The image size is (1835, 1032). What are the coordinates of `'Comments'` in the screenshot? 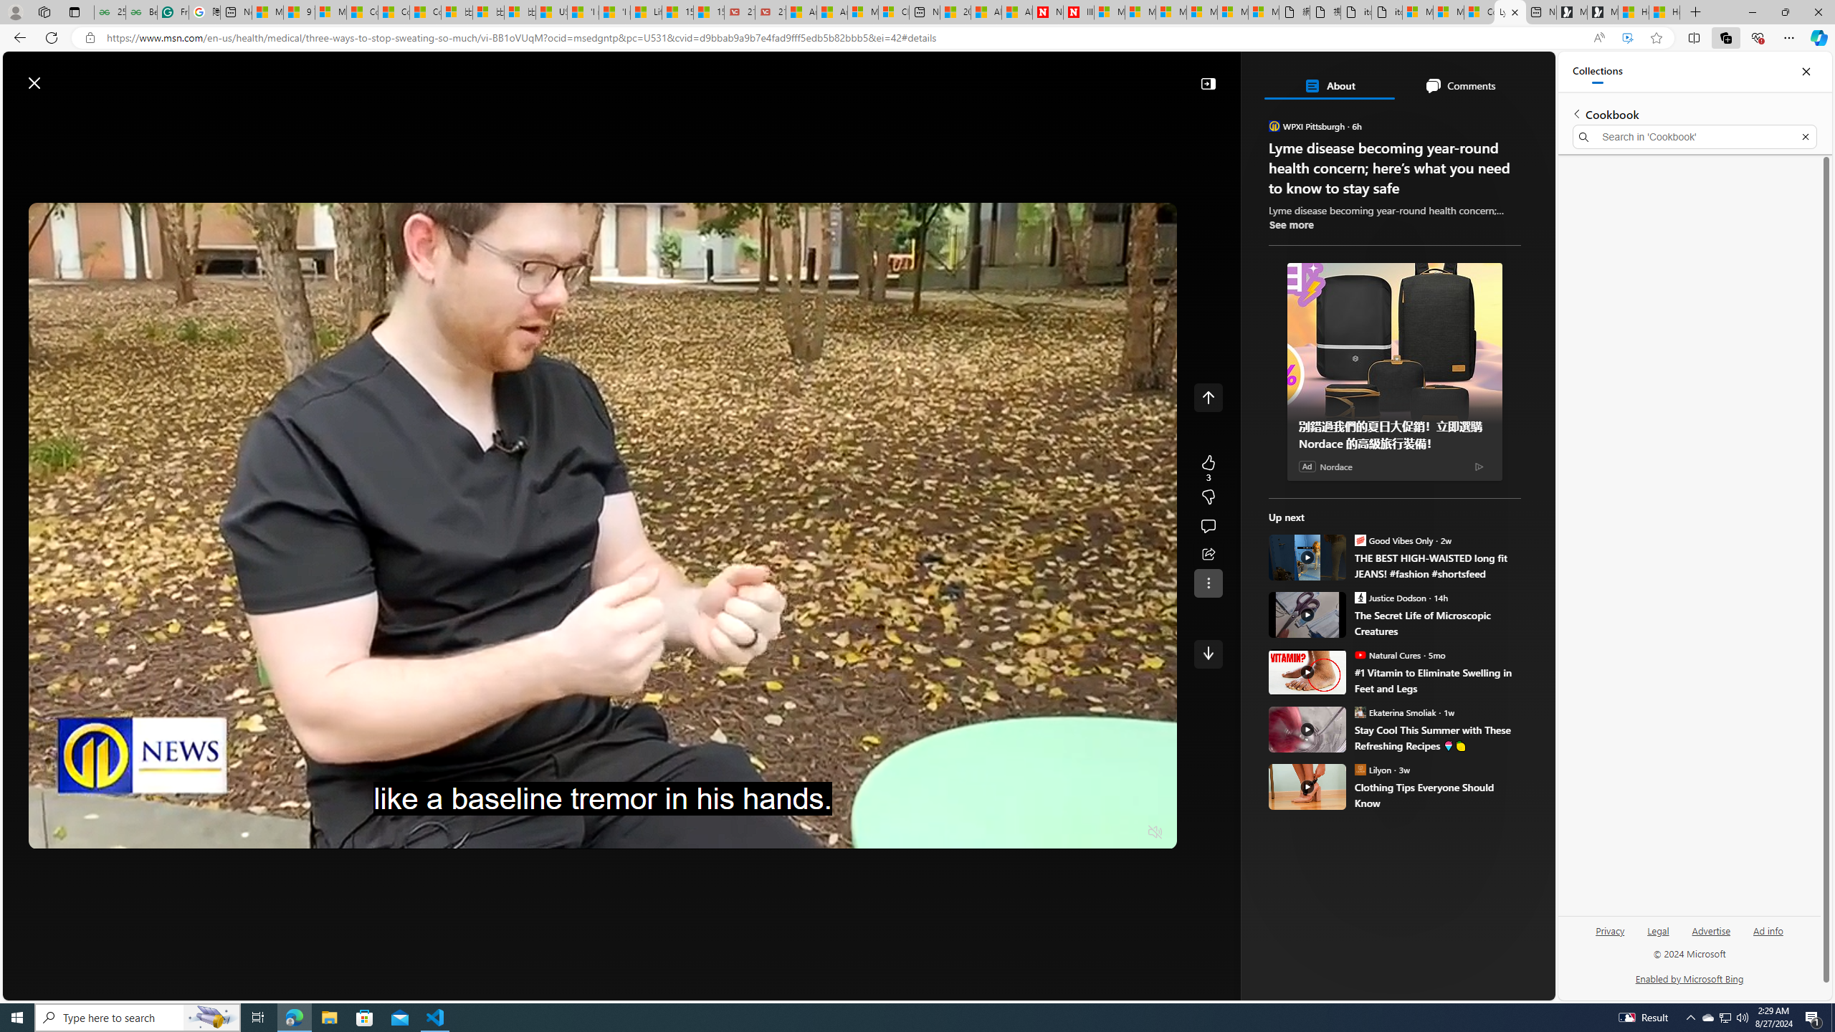 It's located at (1459, 85).